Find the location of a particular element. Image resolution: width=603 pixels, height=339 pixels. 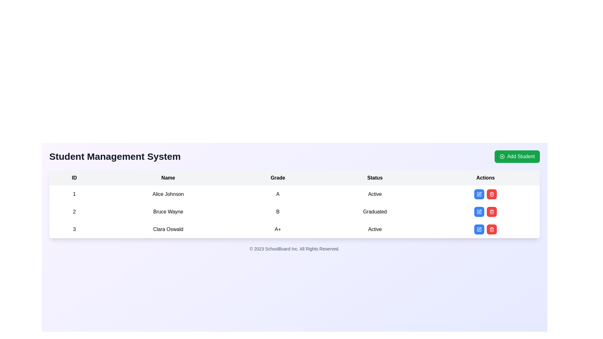

the text 'B' in the 'Grade' column corresponding to 'Bruce Wayne' in the table is located at coordinates (277, 212).